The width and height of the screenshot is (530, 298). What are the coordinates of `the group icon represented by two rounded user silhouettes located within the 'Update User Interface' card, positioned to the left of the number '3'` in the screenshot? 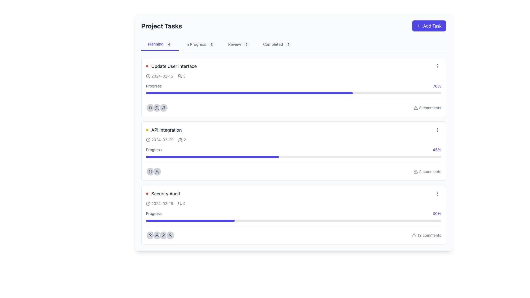 It's located at (180, 76).